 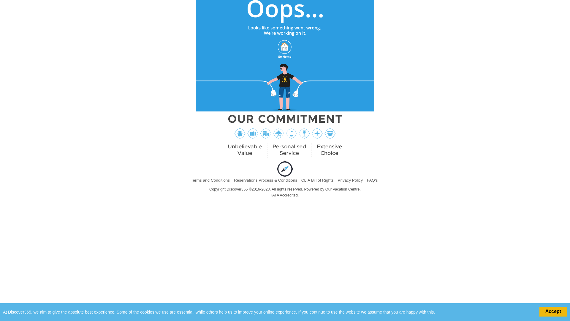 What do you see at coordinates (233, 180) in the screenshot?
I see `'Reservations Process & Conditions'` at bounding box center [233, 180].